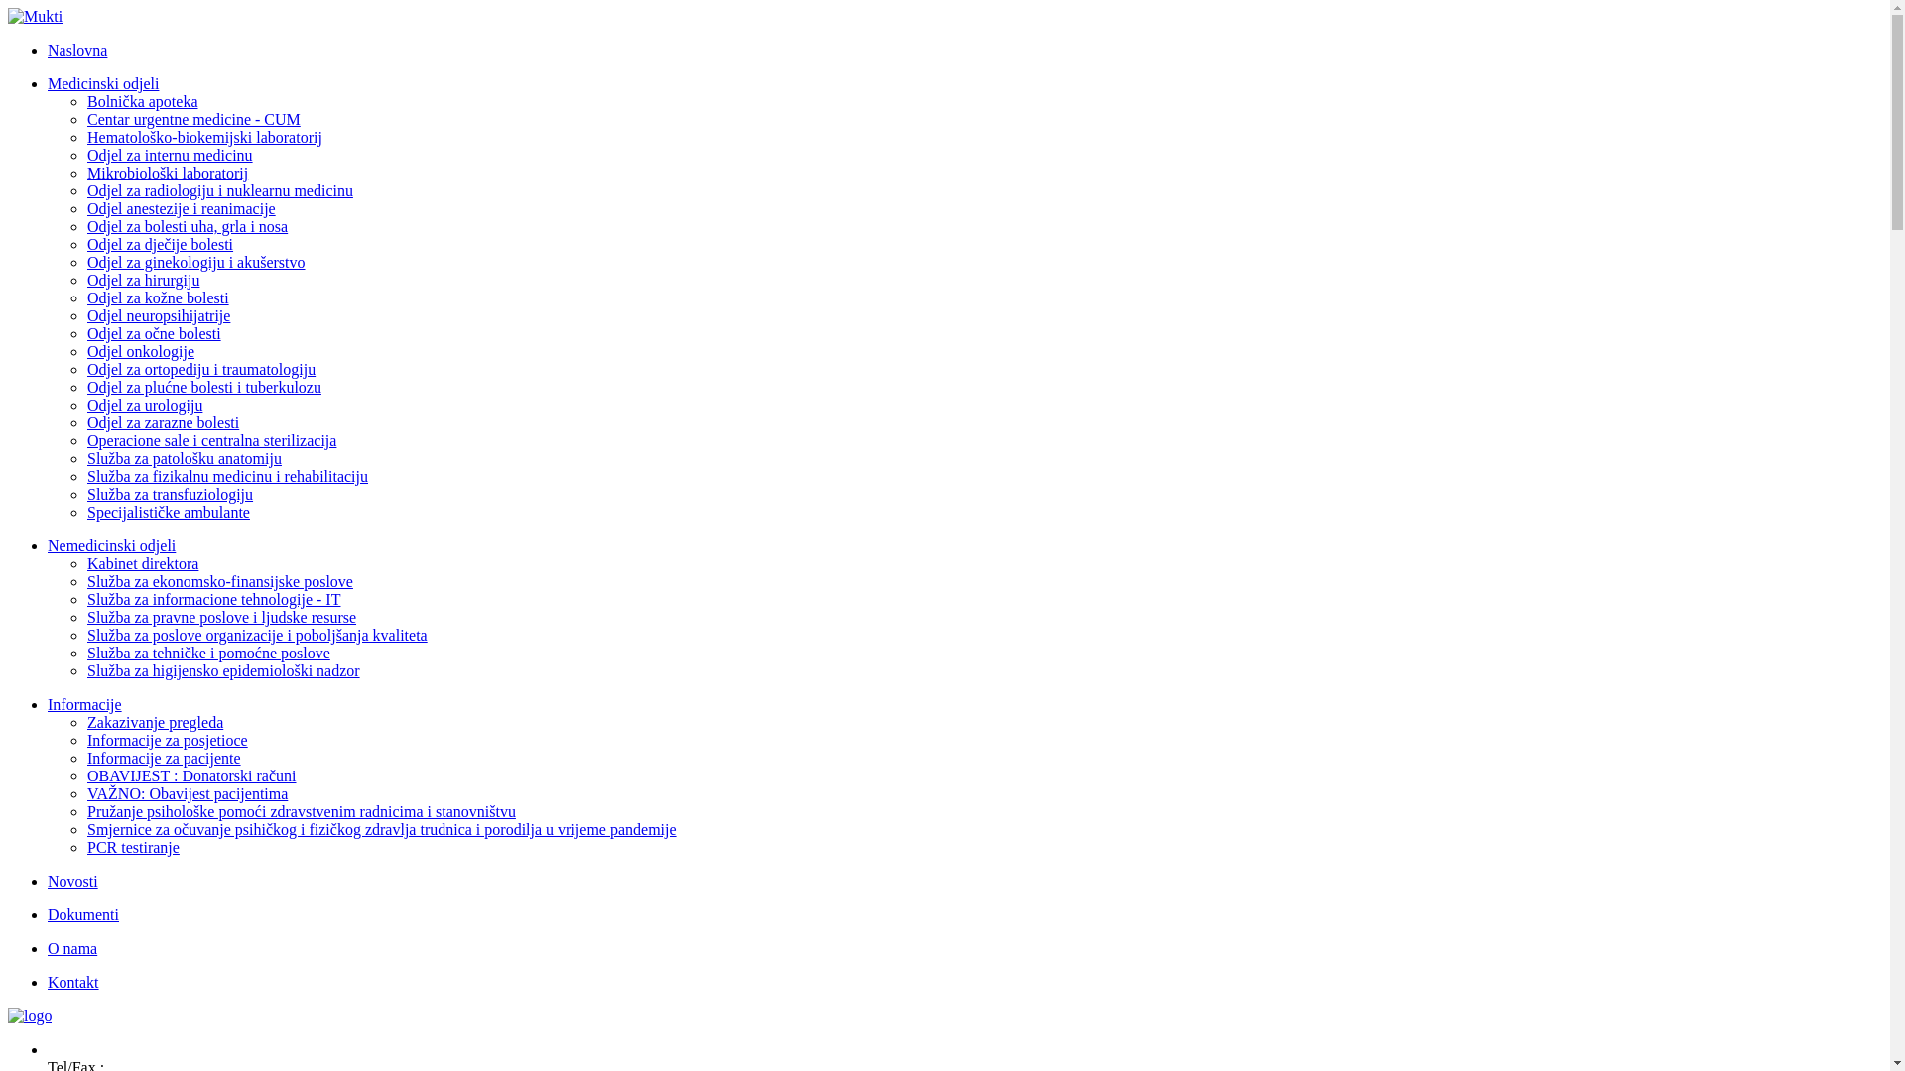 The width and height of the screenshot is (1905, 1071). What do you see at coordinates (211, 439) in the screenshot?
I see `'Operacione sale i centralna sterilizacija'` at bounding box center [211, 439].